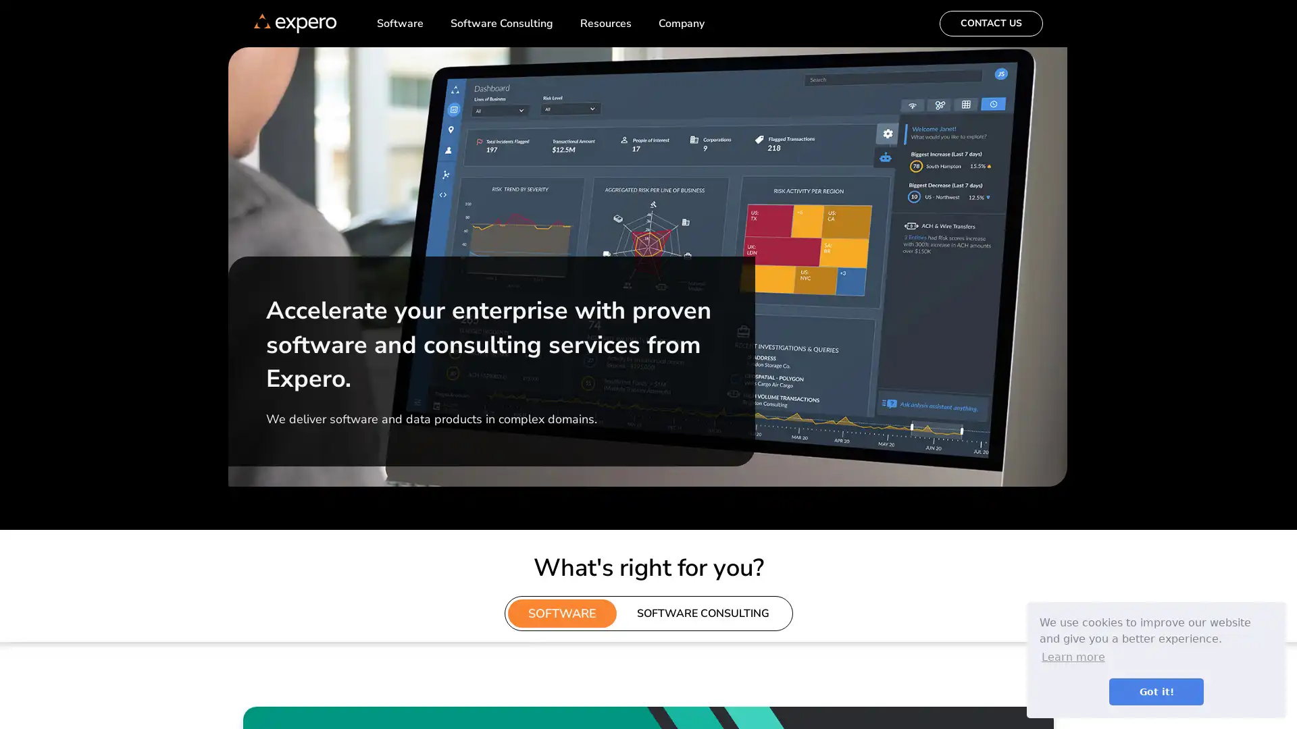  I want to click on learn more about cookies, so click(1072, 656).